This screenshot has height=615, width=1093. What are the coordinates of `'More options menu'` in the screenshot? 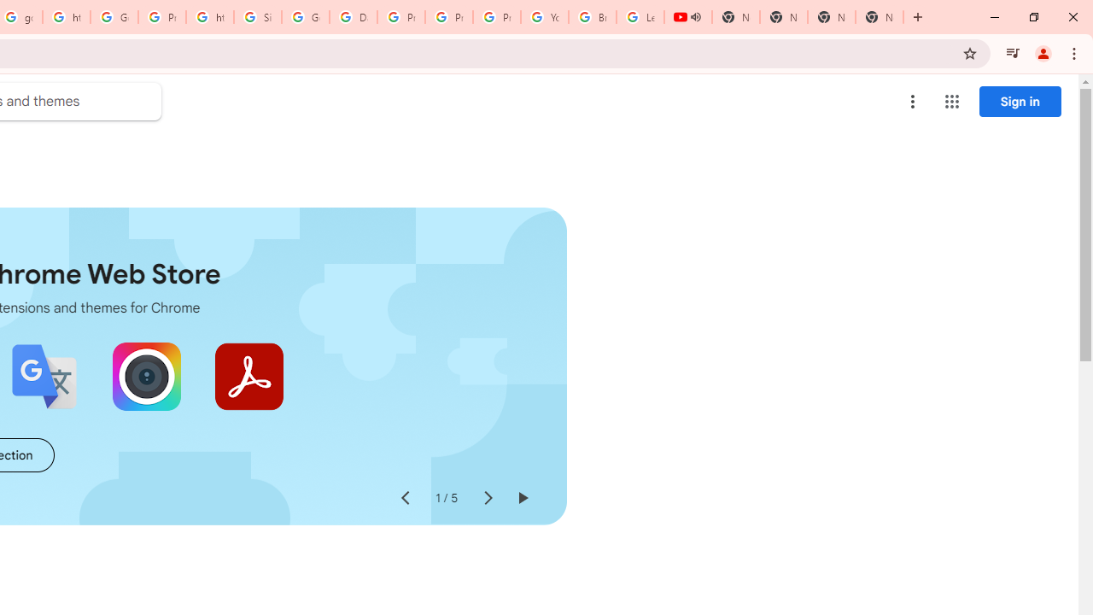 It's located at (912, 102).